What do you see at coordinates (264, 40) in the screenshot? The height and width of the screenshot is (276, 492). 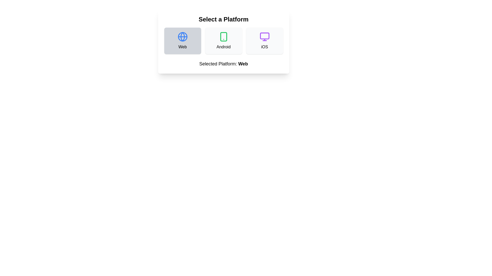 I see `the platform iOS by clicking its corresponding button` at bounding box center [264, 40].